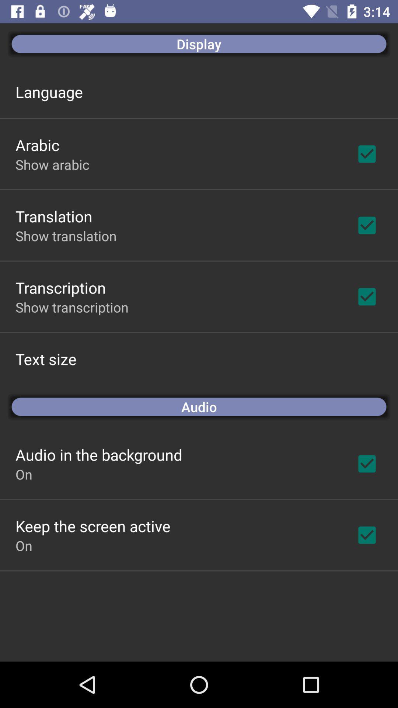 This screenshot has width=398, height=708. I want to click on item below the arabic item, so click(52, 164).